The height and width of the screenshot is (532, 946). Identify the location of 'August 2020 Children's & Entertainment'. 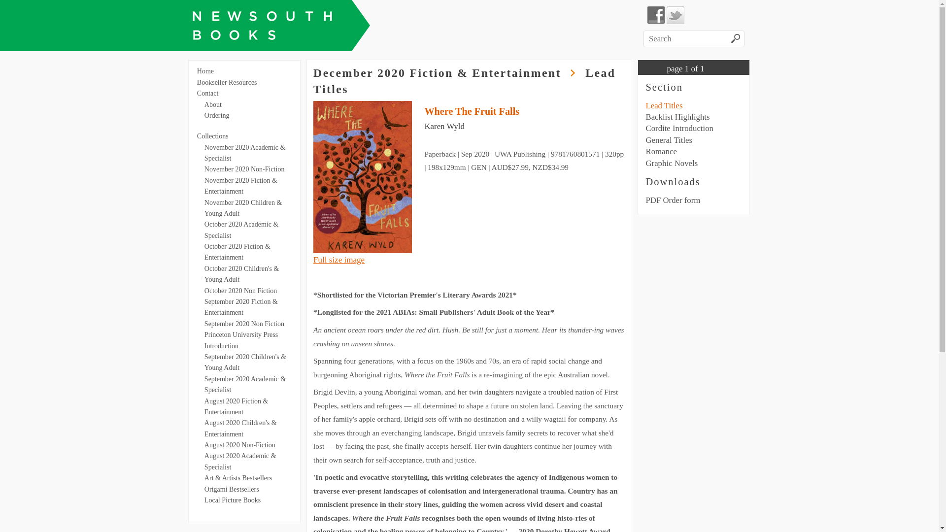
(240, 428).